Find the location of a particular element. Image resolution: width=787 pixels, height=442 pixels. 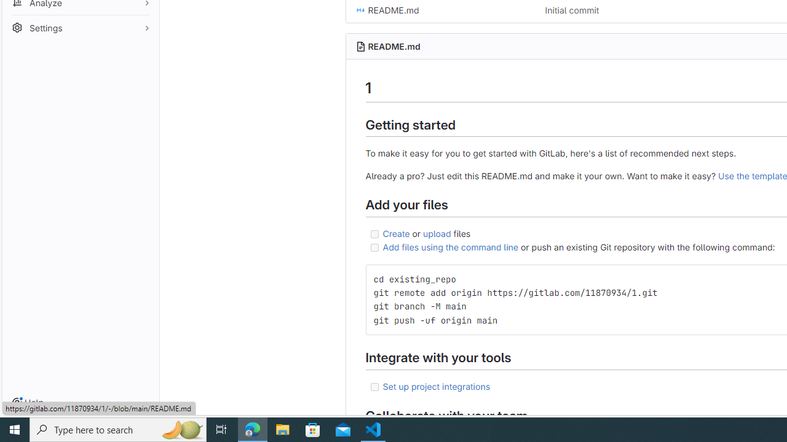

'Add files using the command line' is located at coordinates (449, 247).